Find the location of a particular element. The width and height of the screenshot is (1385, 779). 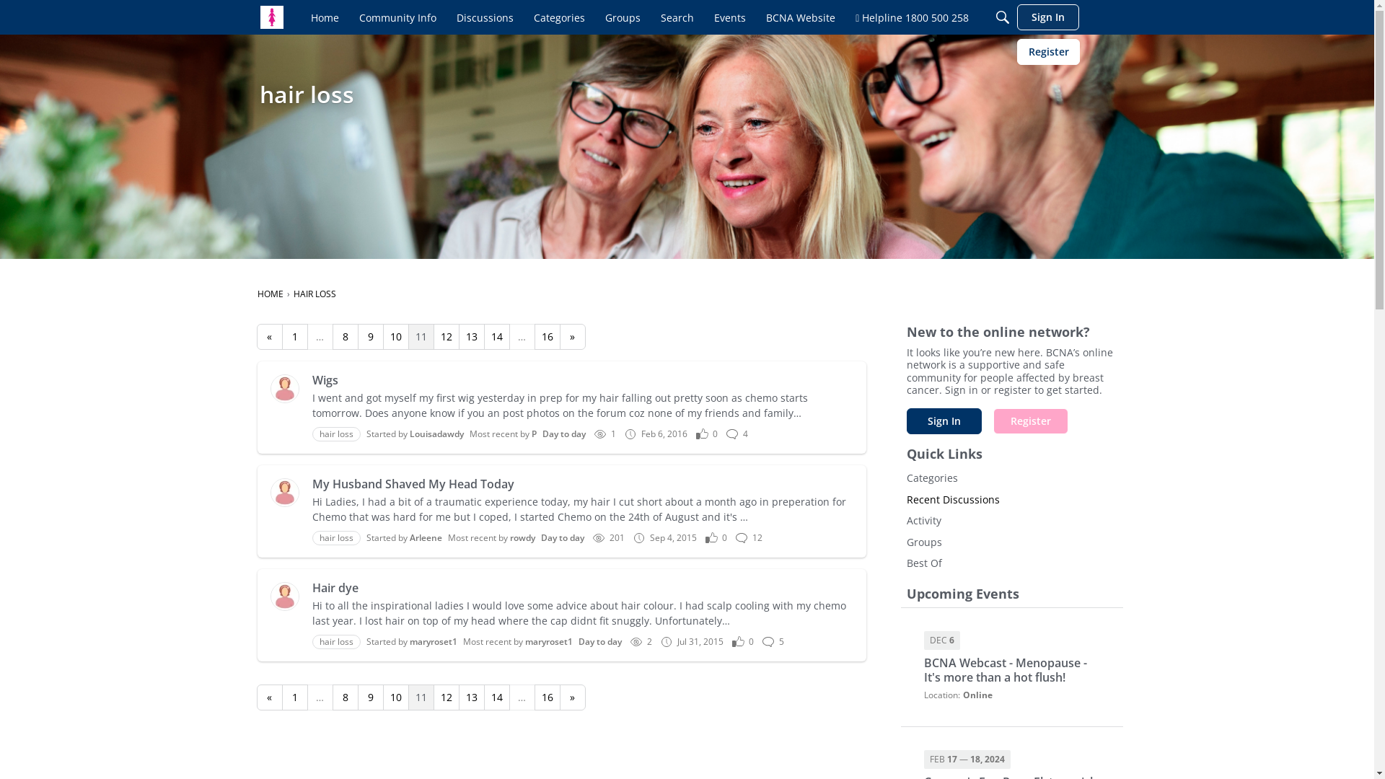

'Search' is located at coordinates (677, 17).